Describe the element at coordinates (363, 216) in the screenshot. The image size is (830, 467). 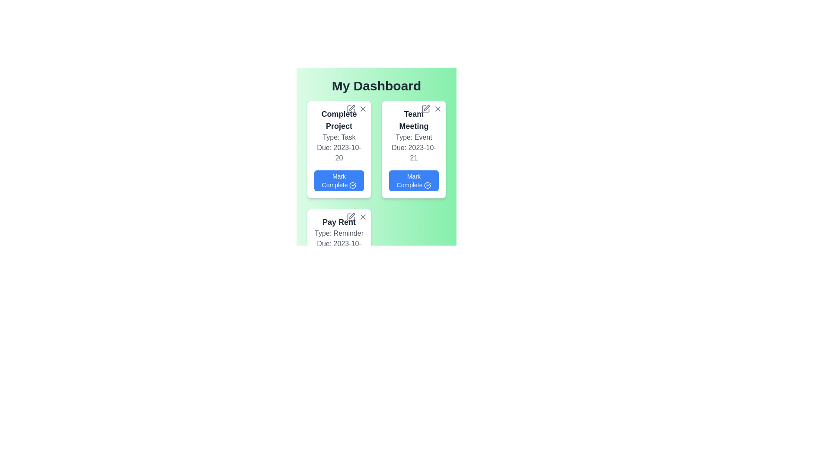
I see `the 'X' close button in the top-right corner of the 'Pay Rent' card` at that location.